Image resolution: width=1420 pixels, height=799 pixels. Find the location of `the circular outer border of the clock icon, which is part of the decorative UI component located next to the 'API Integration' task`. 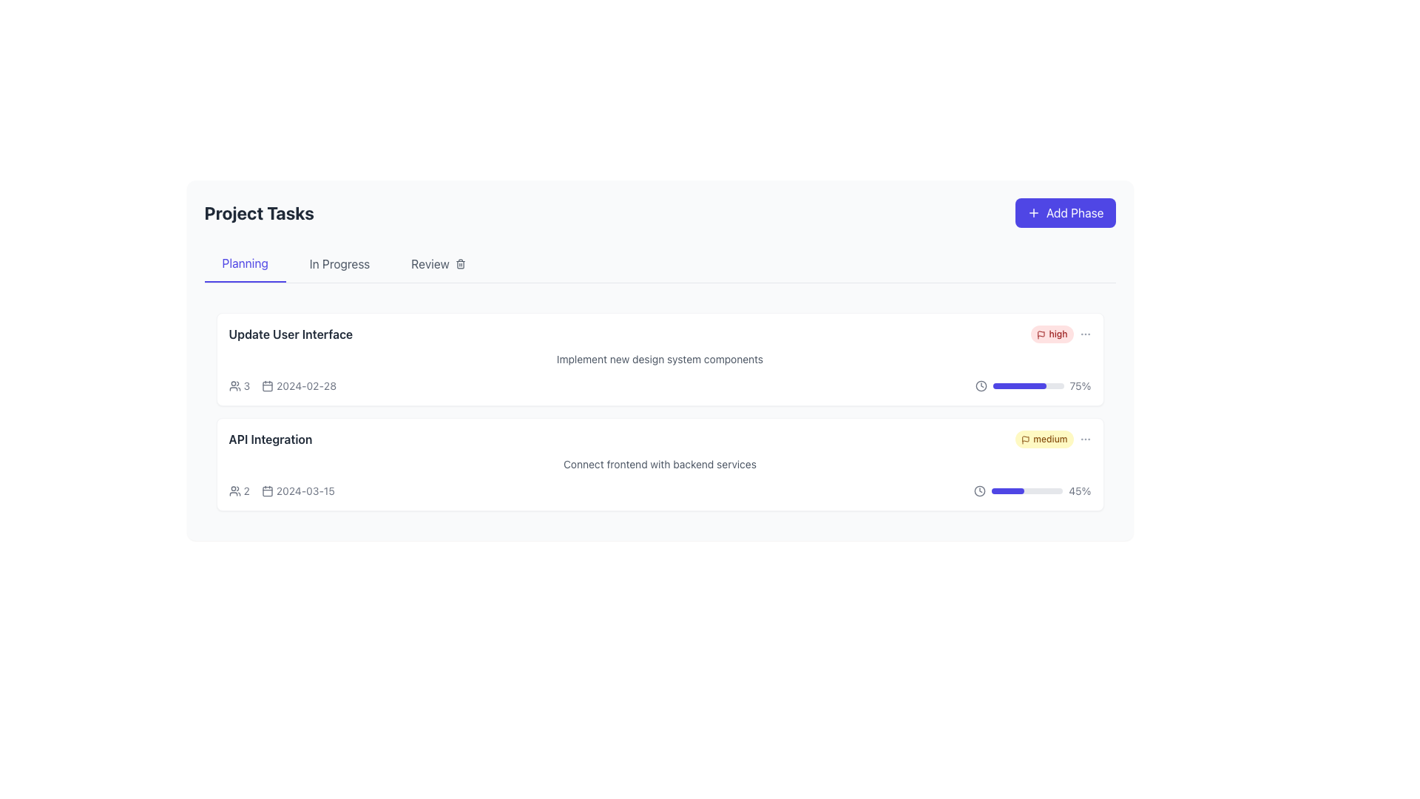

the circular outer border of the clock icon, which is part of the decorative UI component located next to the 'API Integration' task is located at coordinates (981, 385).